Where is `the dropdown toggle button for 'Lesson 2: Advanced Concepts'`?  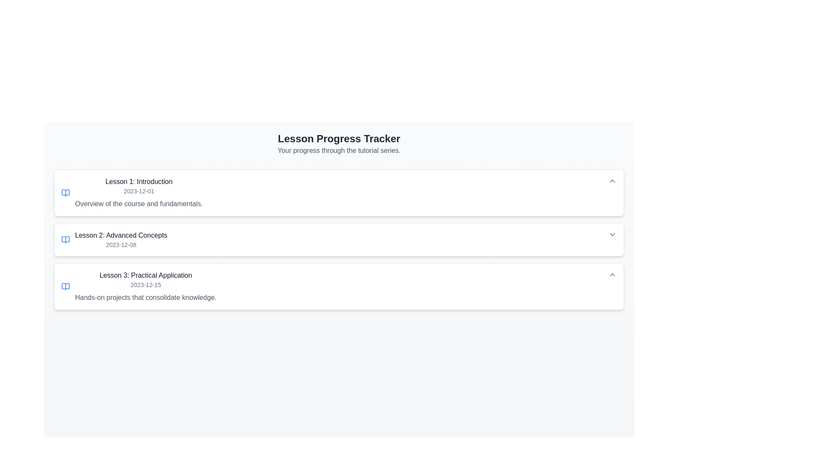
the dropdown toggle button for 'Lesson 2: Advanced Concepts' is located at coordinates (612, 235).